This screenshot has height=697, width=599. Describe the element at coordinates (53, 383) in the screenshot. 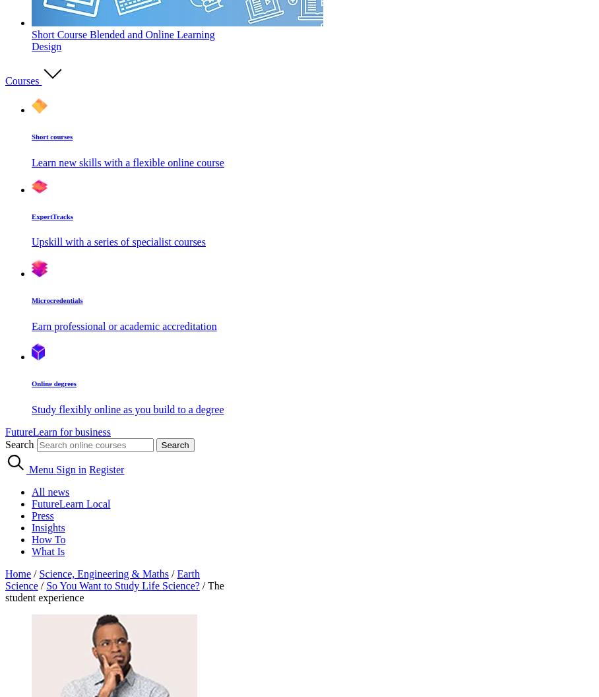

I see `'Online degrees'` at that location.